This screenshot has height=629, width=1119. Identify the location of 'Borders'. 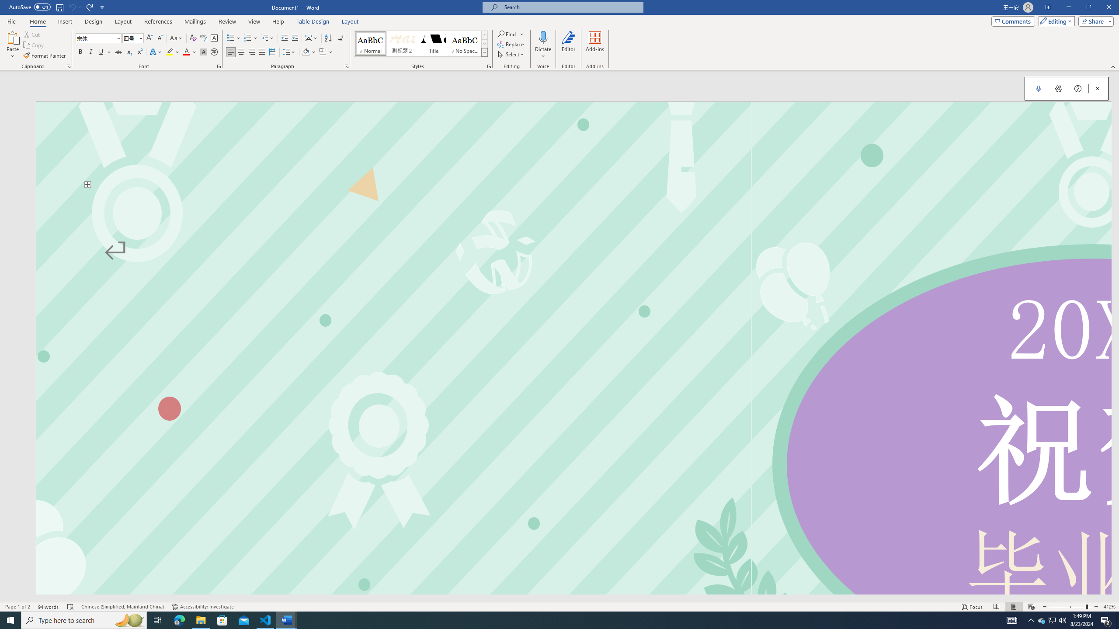
(326, 52).